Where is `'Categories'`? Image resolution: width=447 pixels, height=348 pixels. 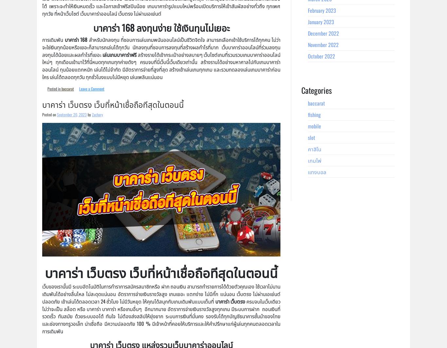 'Categories' is located at coordinates (316, 90).